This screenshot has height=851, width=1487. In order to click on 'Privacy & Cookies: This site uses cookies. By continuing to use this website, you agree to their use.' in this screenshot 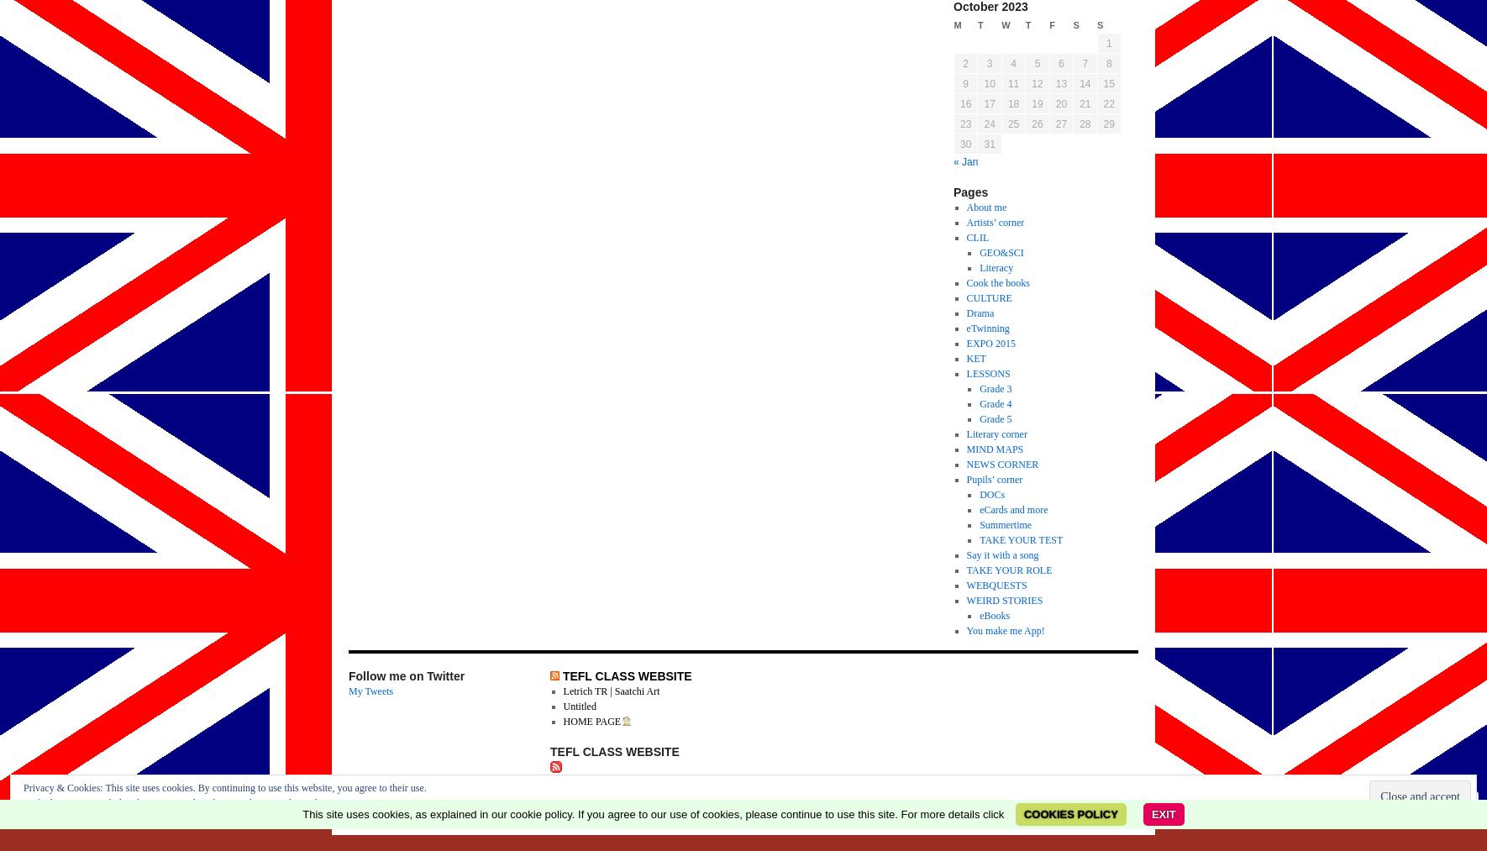, I will do `click(224, 788)`.